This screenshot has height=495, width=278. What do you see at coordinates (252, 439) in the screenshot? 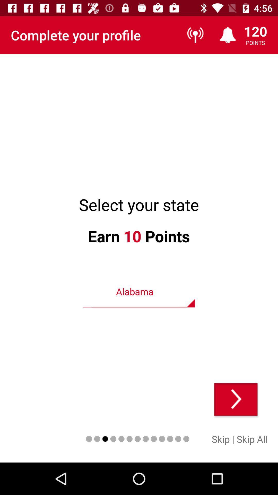
I see `skip all` at bounding box center [252, 439].